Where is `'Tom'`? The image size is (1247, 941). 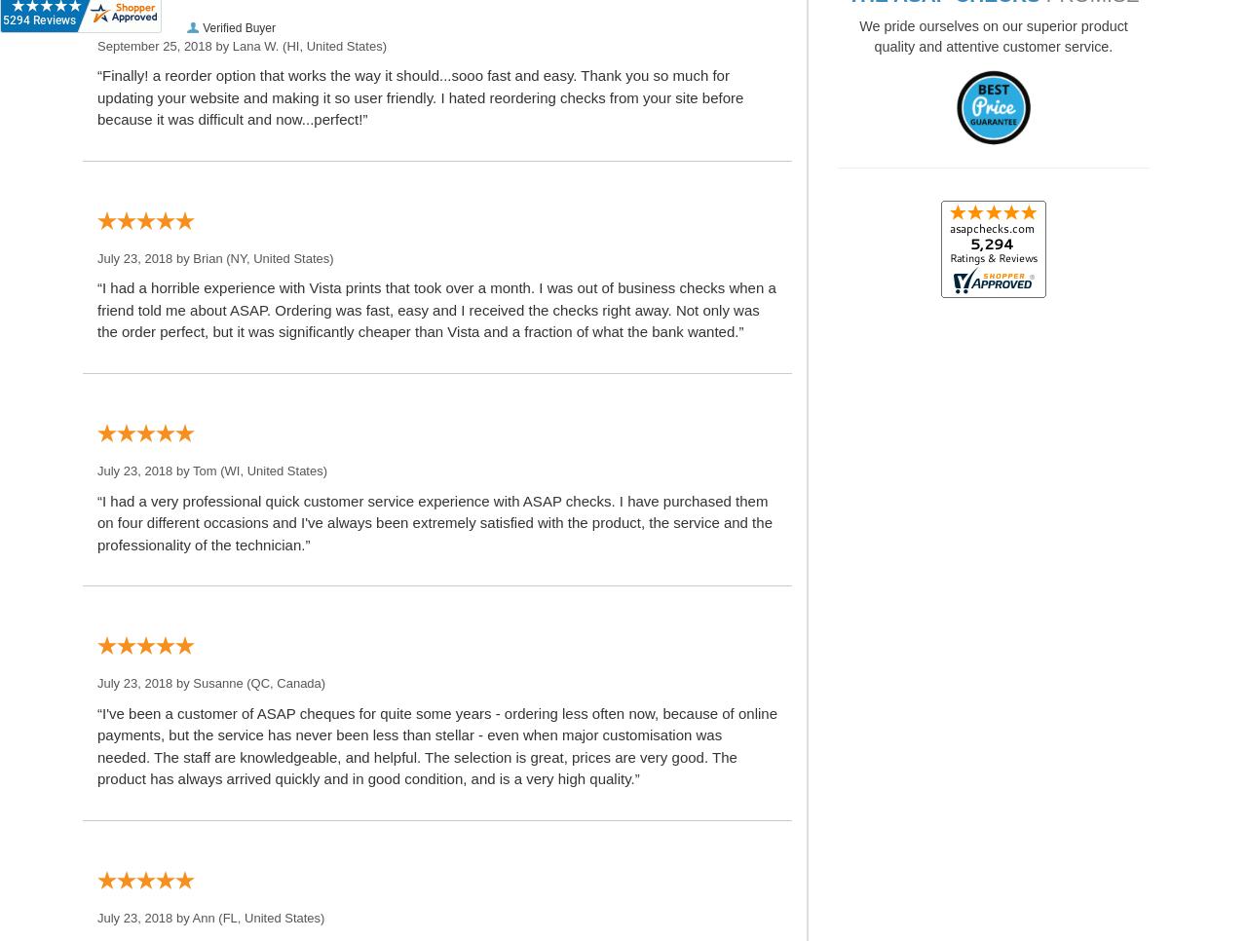
'Tom' is located at coordinates (205, 470).